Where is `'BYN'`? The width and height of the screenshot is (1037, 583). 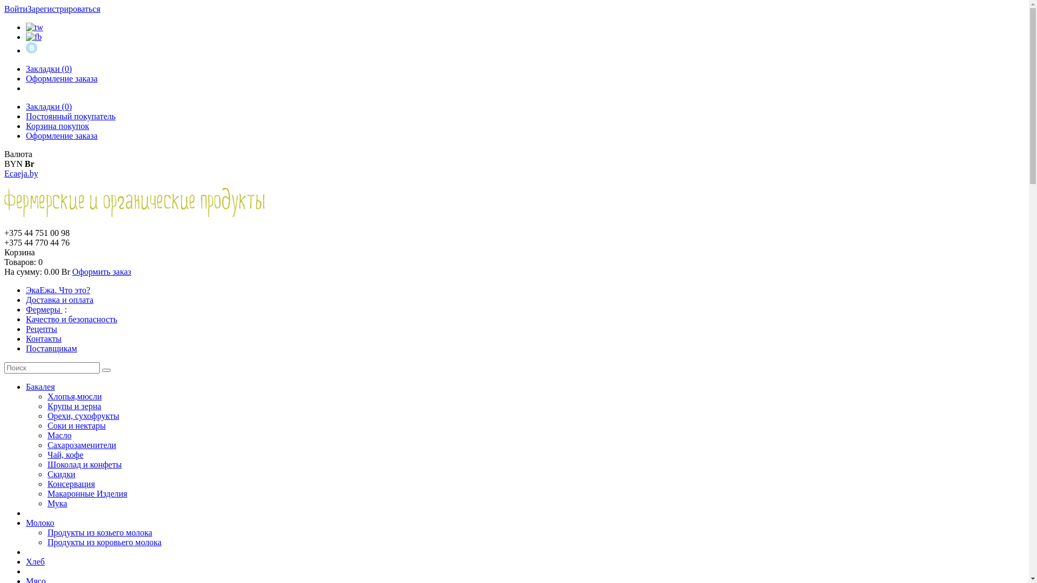 'BYN' is located at coordinates (4, 164).